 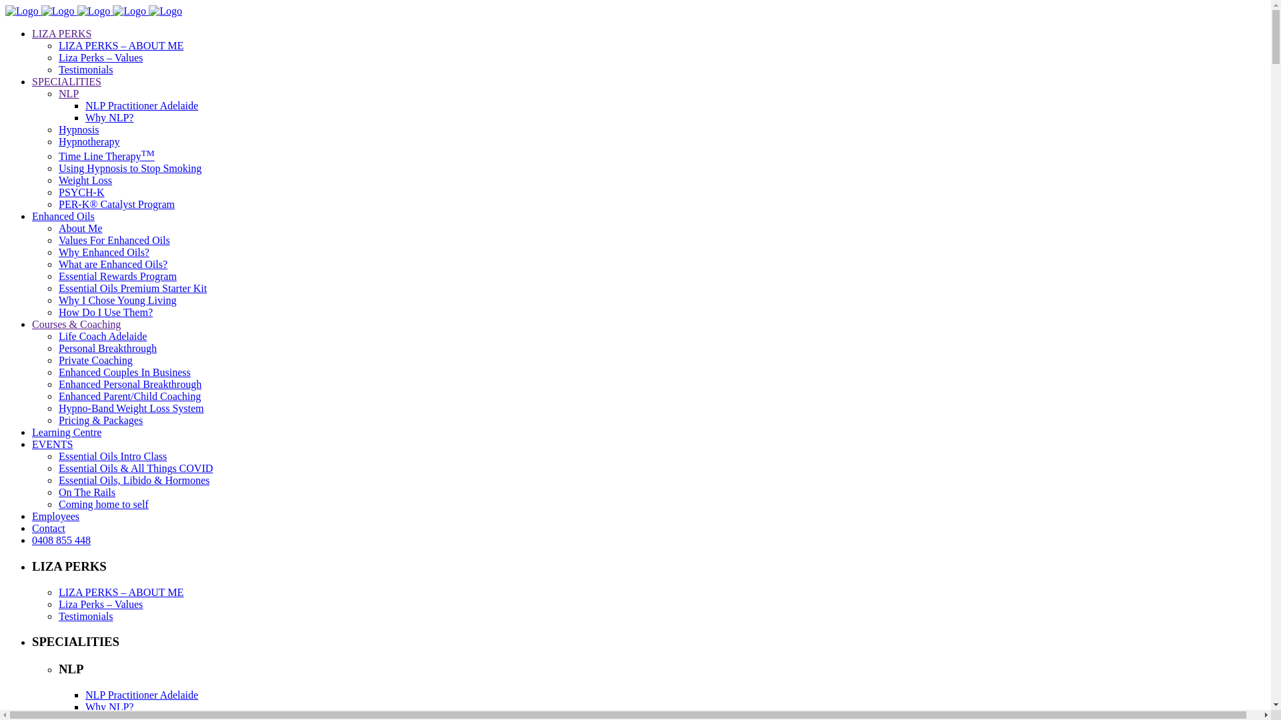 I want to click on 'Employees', so click(x=55, y=515).